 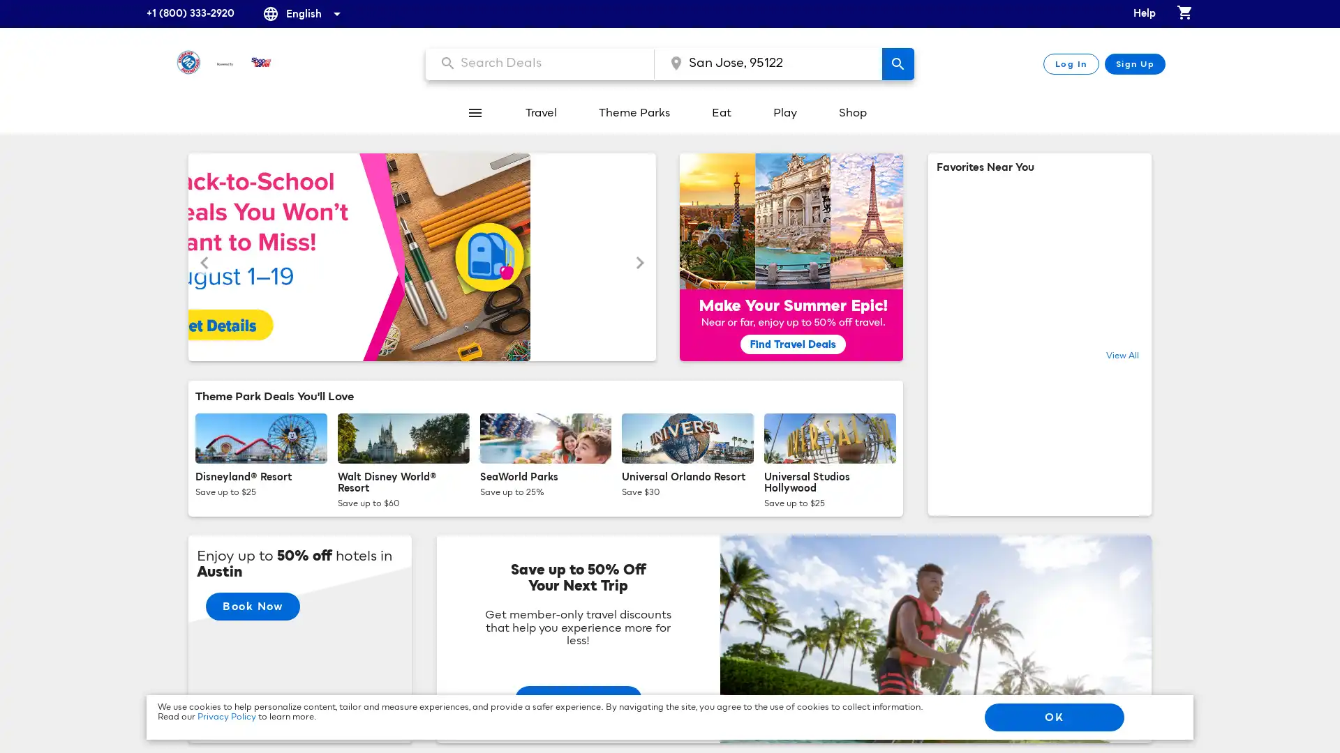 I want to click on Skip to content, so click(x=4, y=5).